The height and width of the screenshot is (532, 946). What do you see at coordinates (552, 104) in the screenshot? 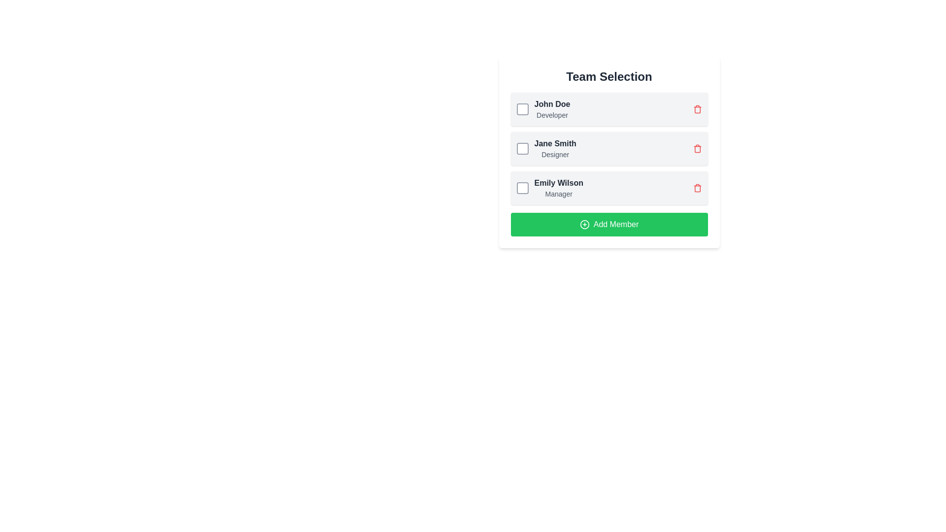
I see `the text label that reads 'John Doe', which is styled with a bold font and dark color, located at the top of a list item in the 'Team Selection' section` at bounding box center [552, 104].